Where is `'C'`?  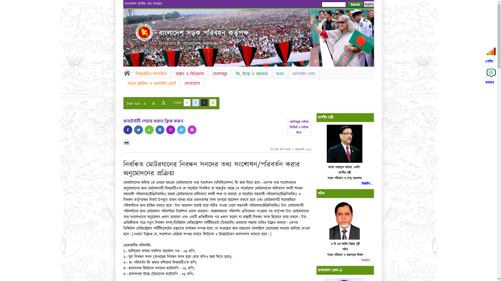
'C' is located at coordinates (187, 103).